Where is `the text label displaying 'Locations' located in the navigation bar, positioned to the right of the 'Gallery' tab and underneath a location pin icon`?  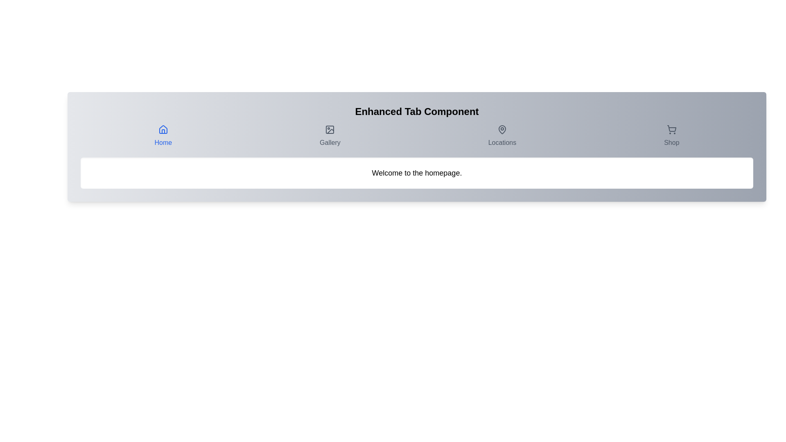 the text label displaying 'Locations' located in the navigation bar, positioned to the right of the 'Gallery' tab and underneath a location pin icon is located at coordinates (501, 142).